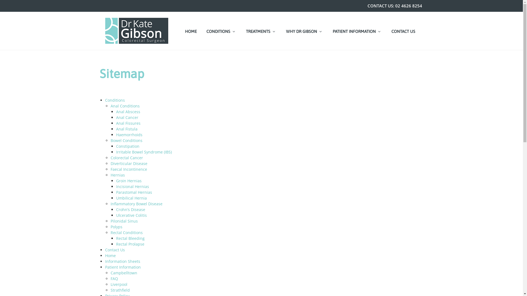 This screenshot has width=527, height=296. I want to click on 'CONDITIONS', so click(221, 31).